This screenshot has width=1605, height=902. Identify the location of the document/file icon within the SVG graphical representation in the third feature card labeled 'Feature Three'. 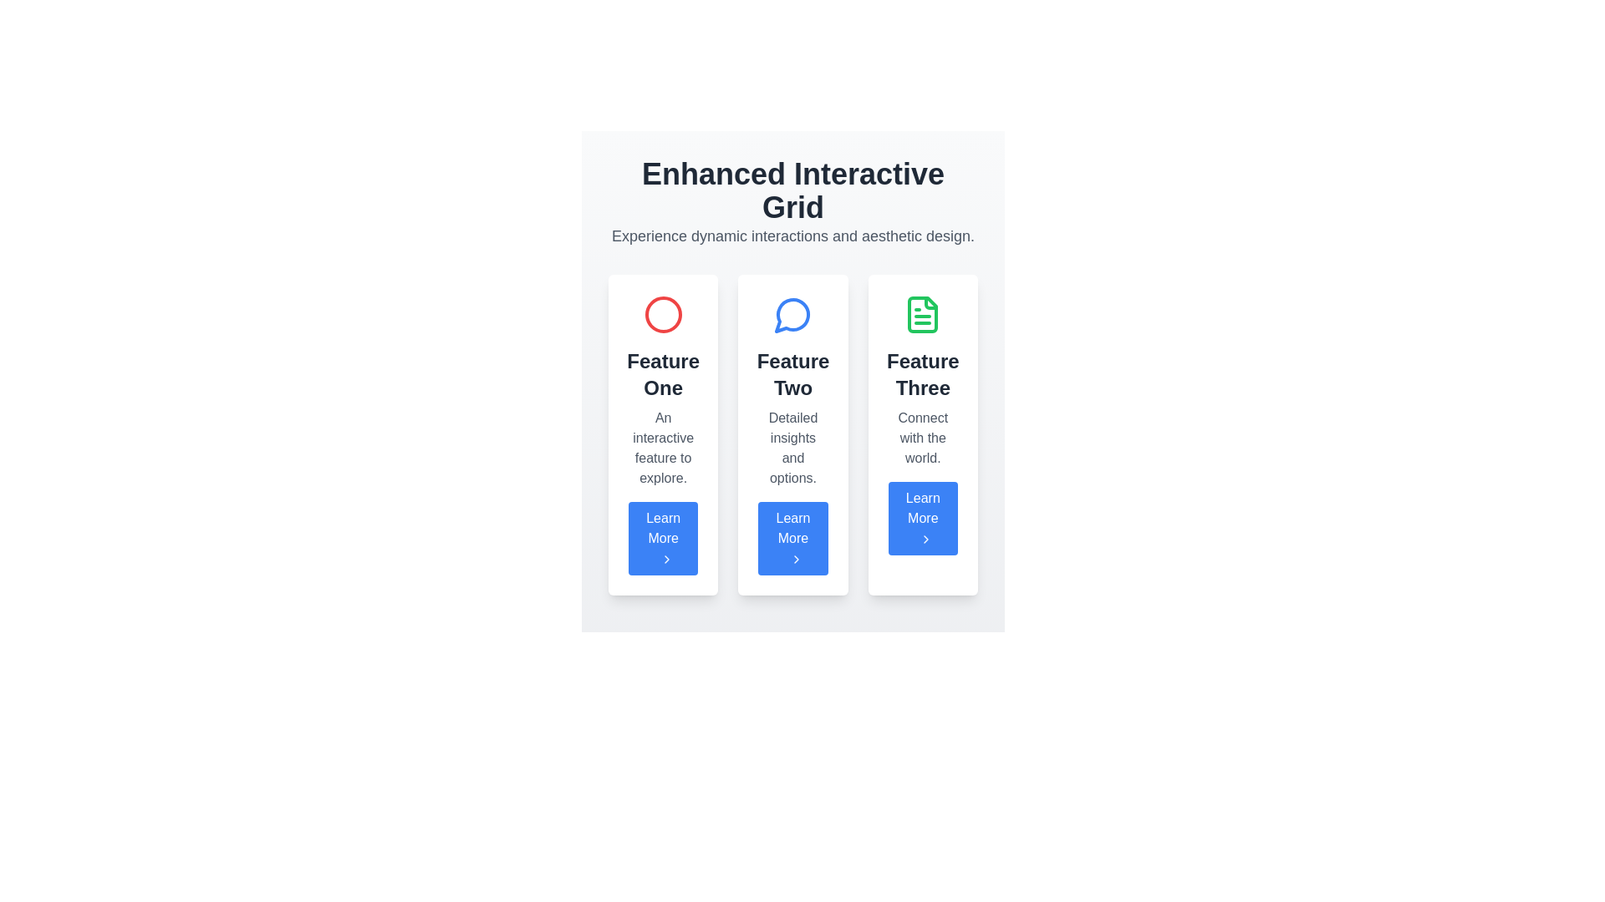
(922, 315).